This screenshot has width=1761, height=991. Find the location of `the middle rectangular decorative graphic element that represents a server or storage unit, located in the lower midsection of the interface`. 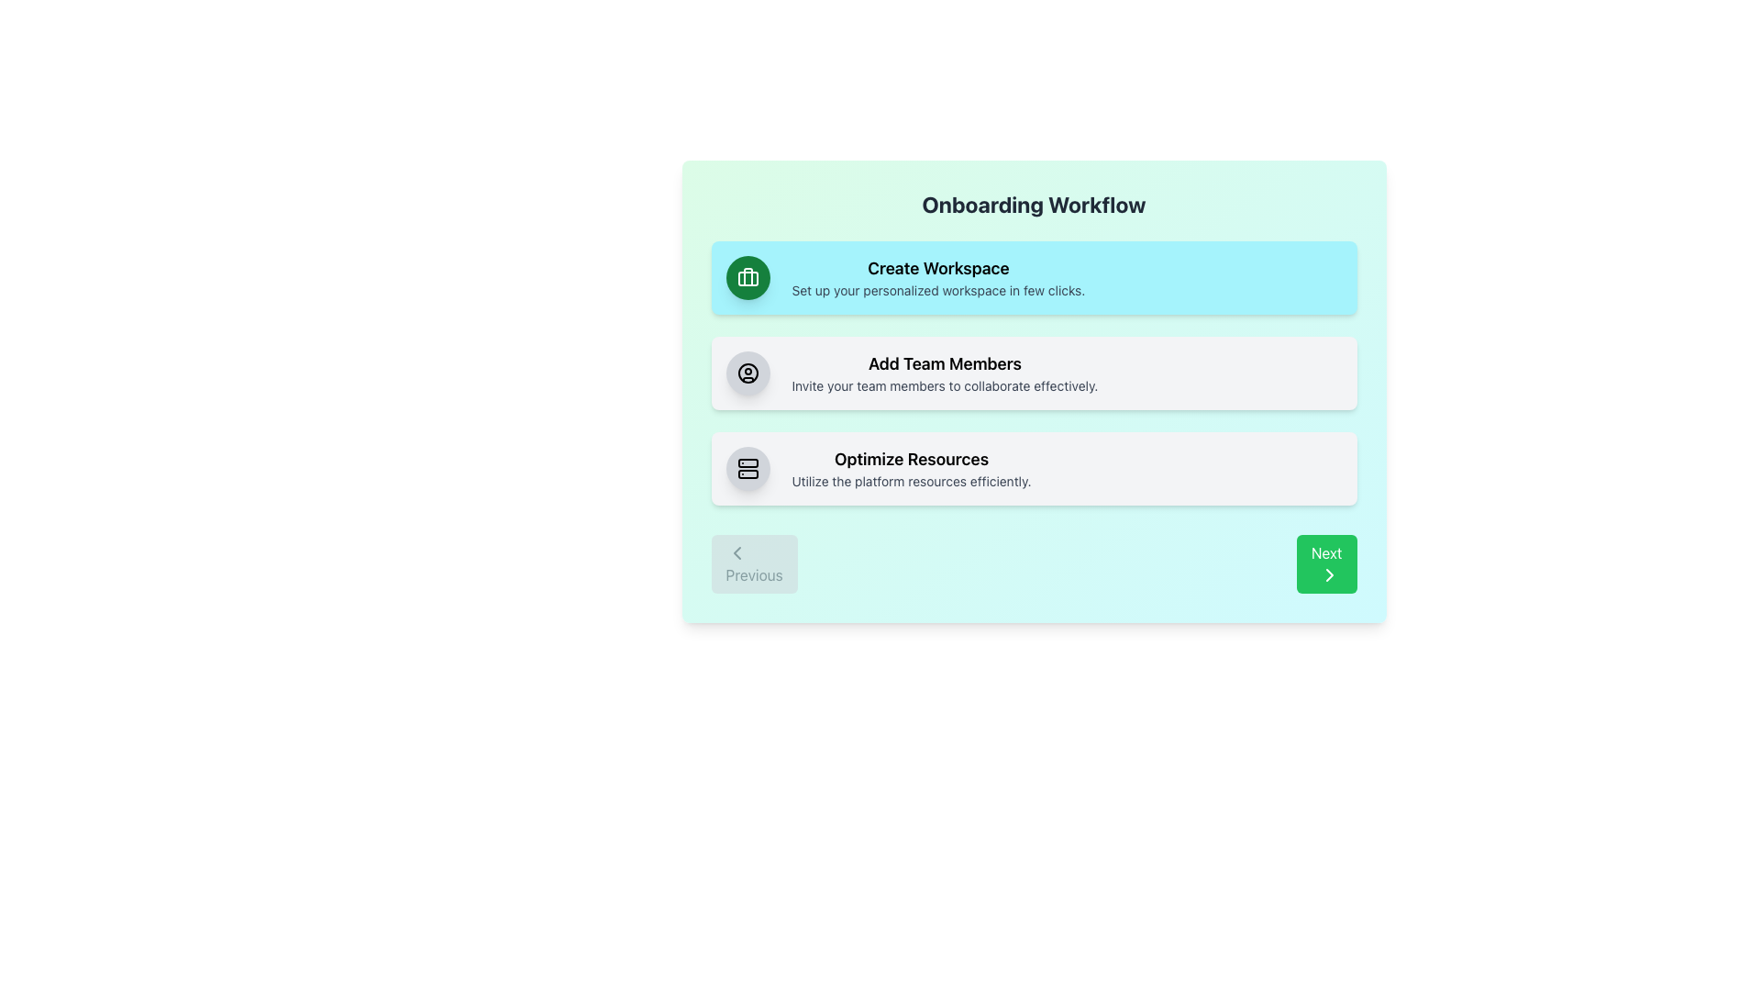

the middle rectangular decorative graphic element that represents a server or storage unit, located in the lower midsection of the interface is located at coordinates (748, 473).